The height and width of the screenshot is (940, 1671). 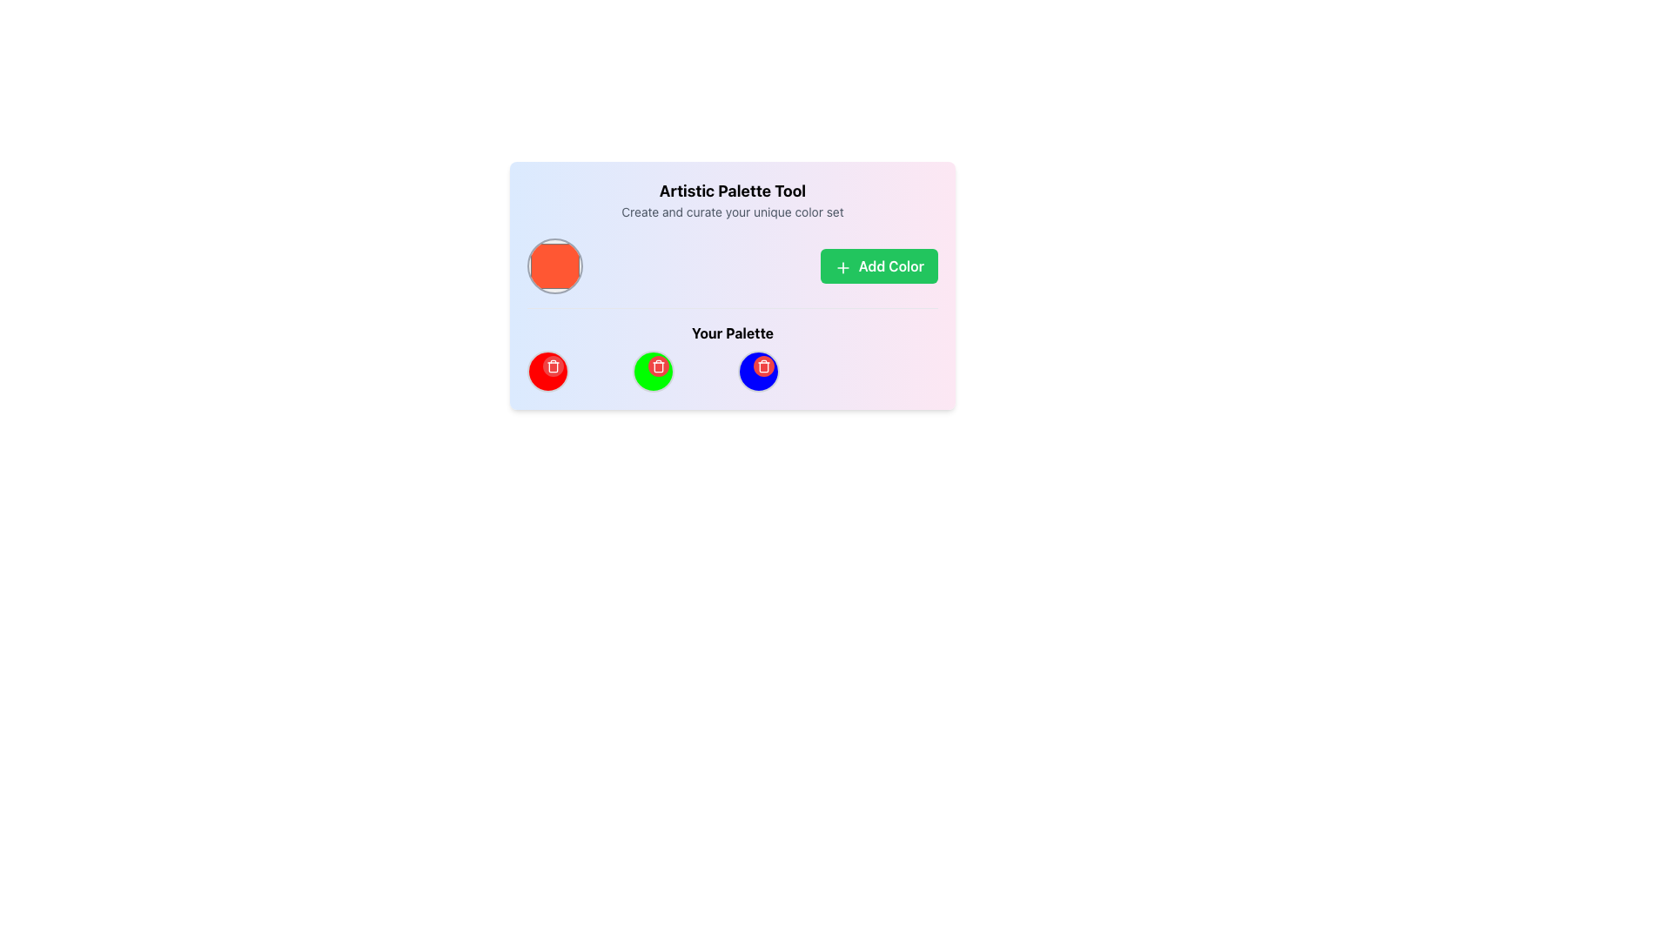 What do you see at coordinates (554, 265) in the screenshot?
I see `the Color Selector Circle, which is an orange circular UI component with a gray outline` at bounding box center [554, 265].